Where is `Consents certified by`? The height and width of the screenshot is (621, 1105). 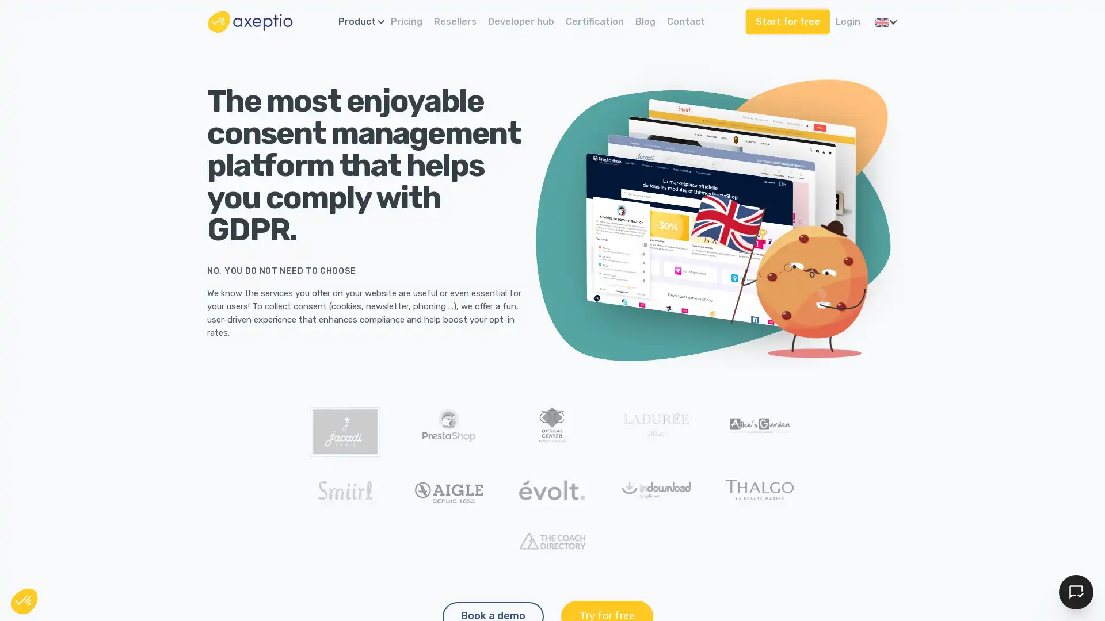
Consents certified by is located at coordinates (132, 532).